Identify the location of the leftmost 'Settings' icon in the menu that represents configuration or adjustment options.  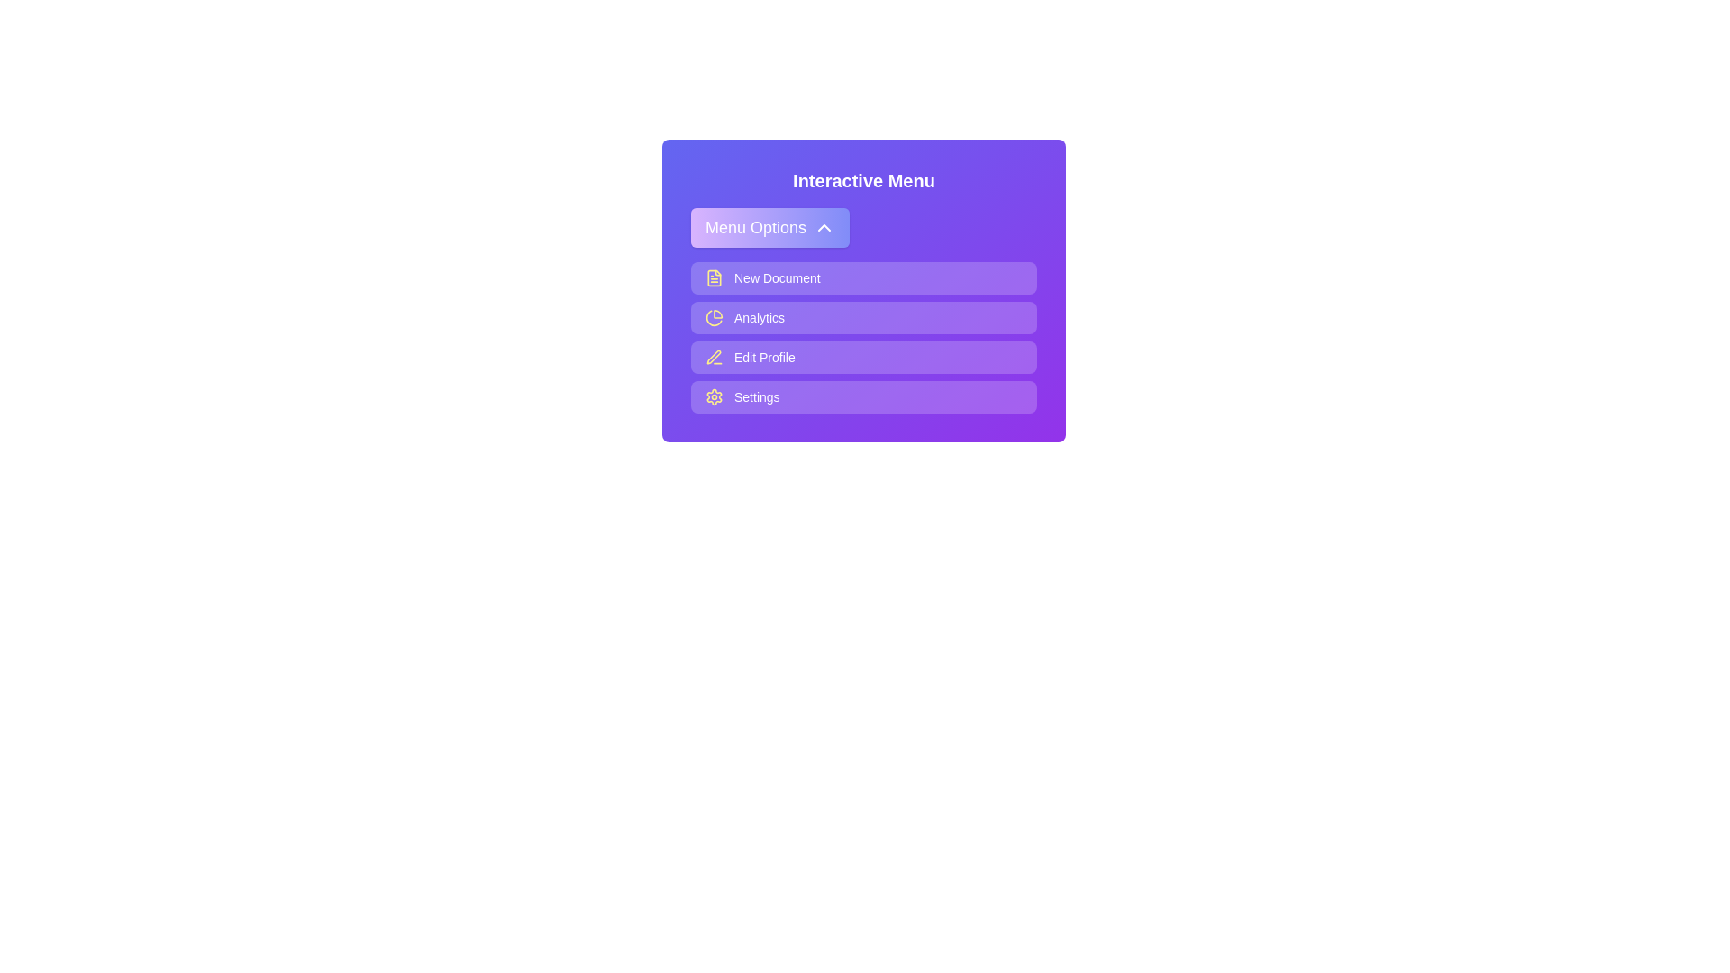
(713, 396).